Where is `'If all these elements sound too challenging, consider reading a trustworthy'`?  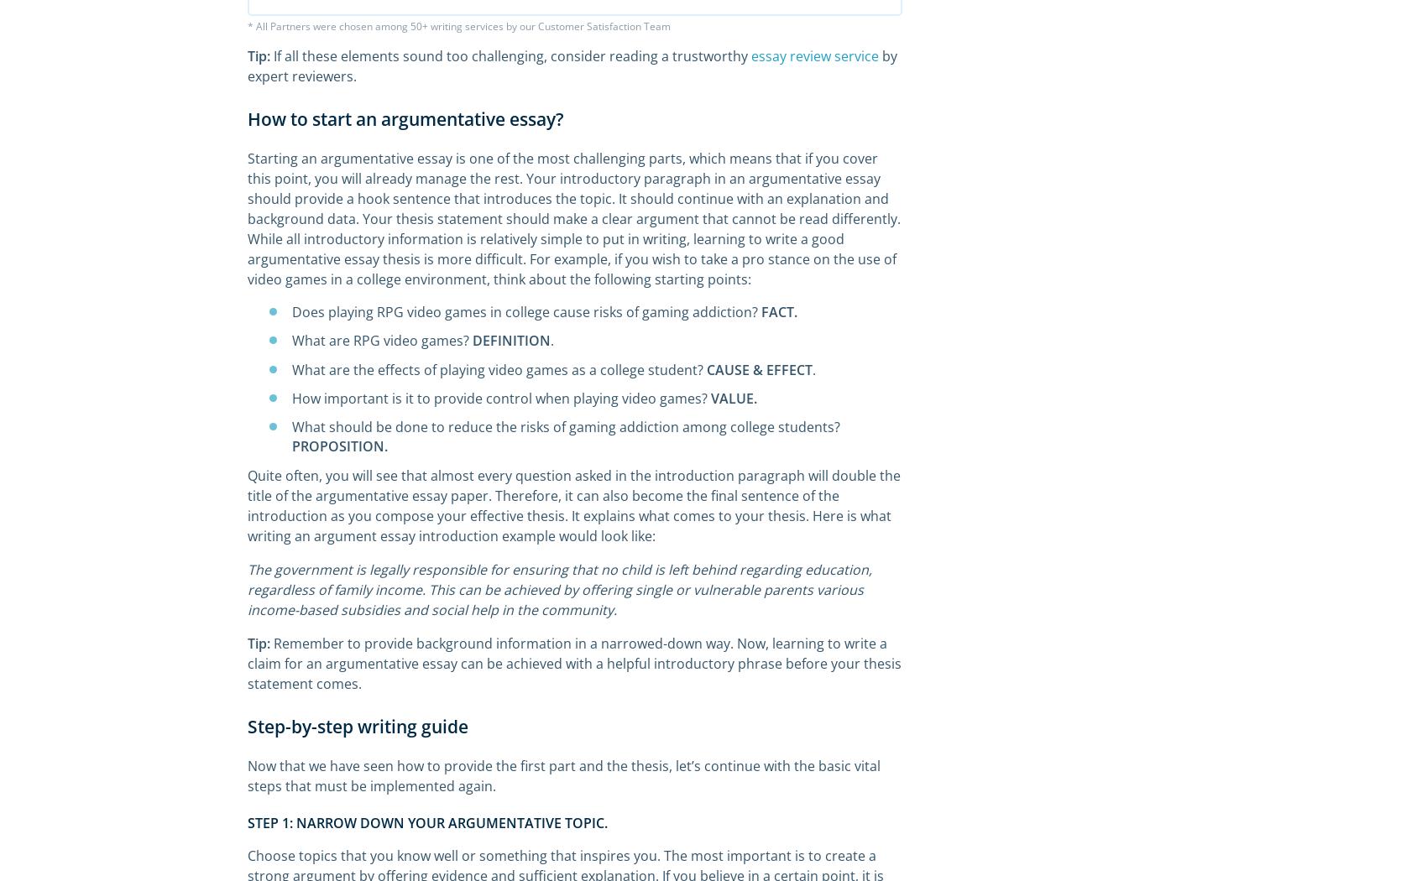 'If all these elements sound too challenging, consider reading a trustworthy' is located at coordinates (510, 55).